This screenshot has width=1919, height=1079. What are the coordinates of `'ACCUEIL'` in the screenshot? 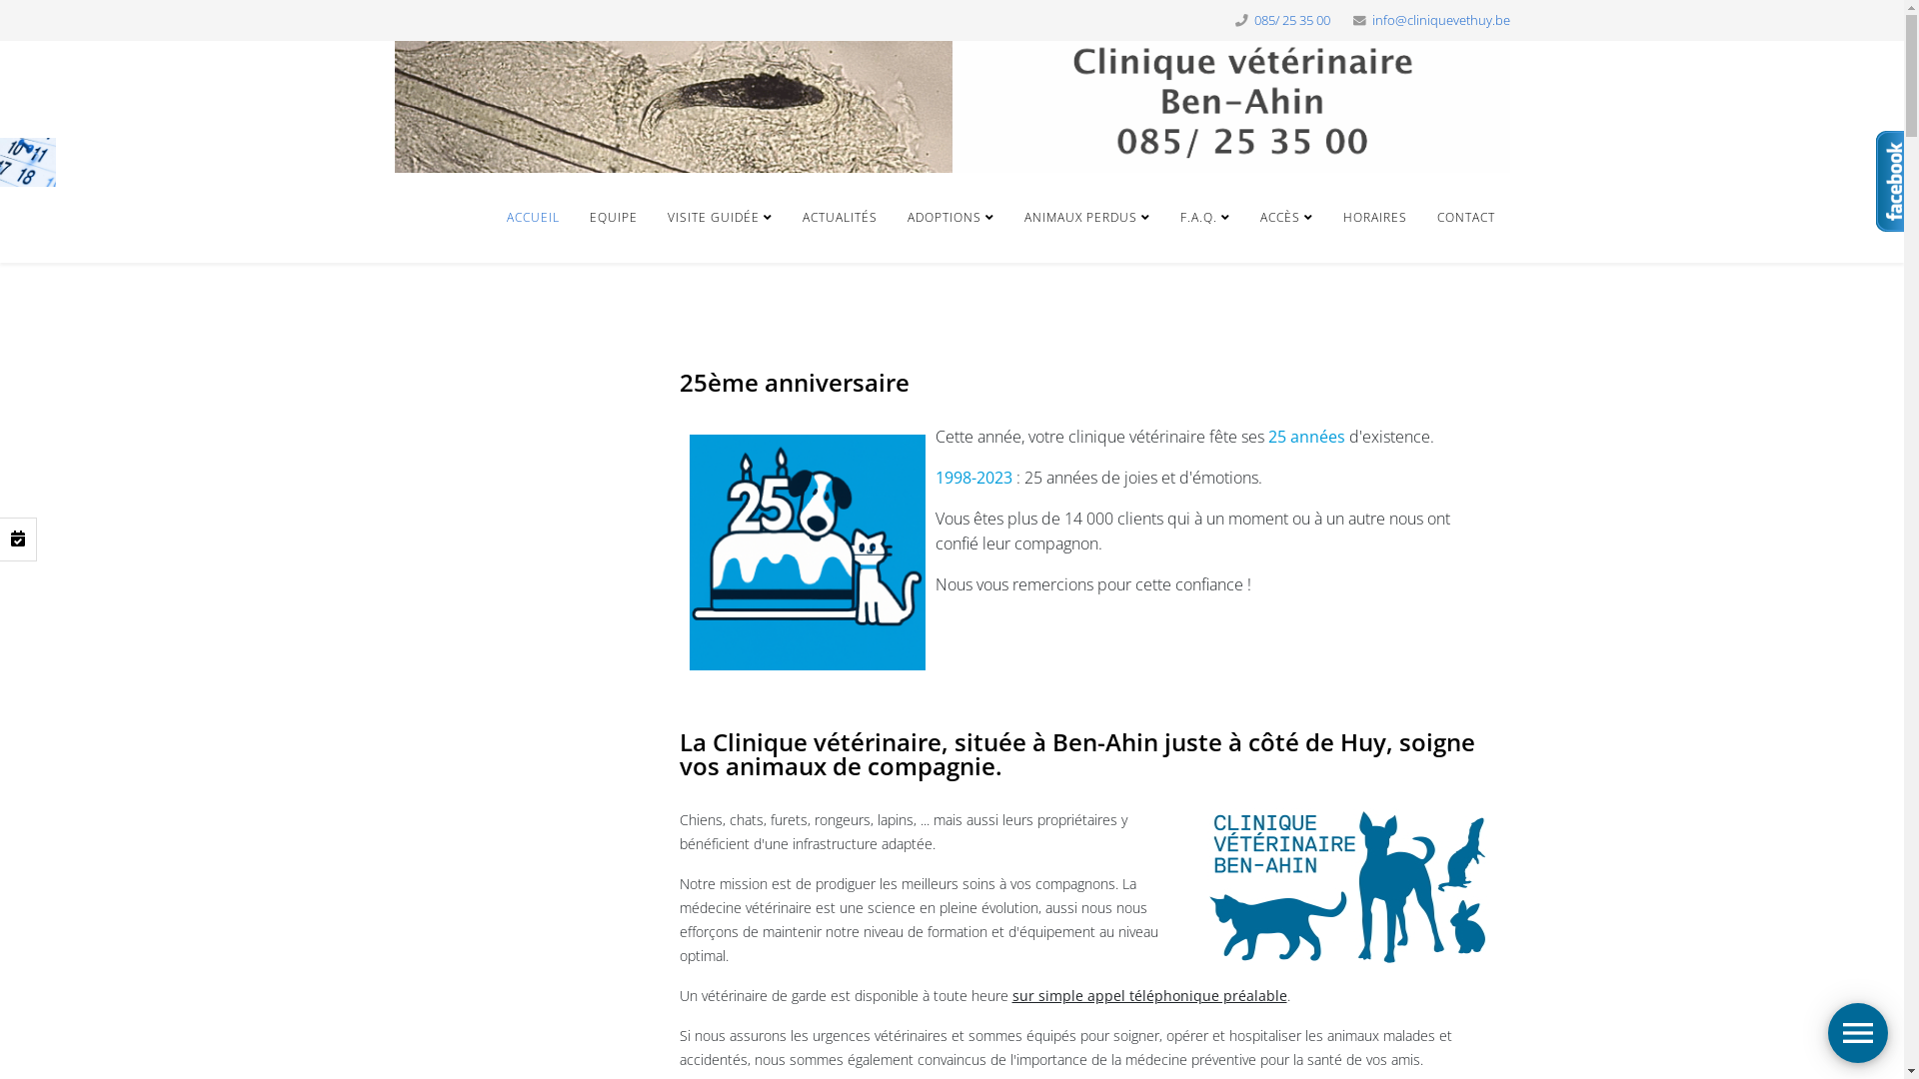 It's located at (533, 218).